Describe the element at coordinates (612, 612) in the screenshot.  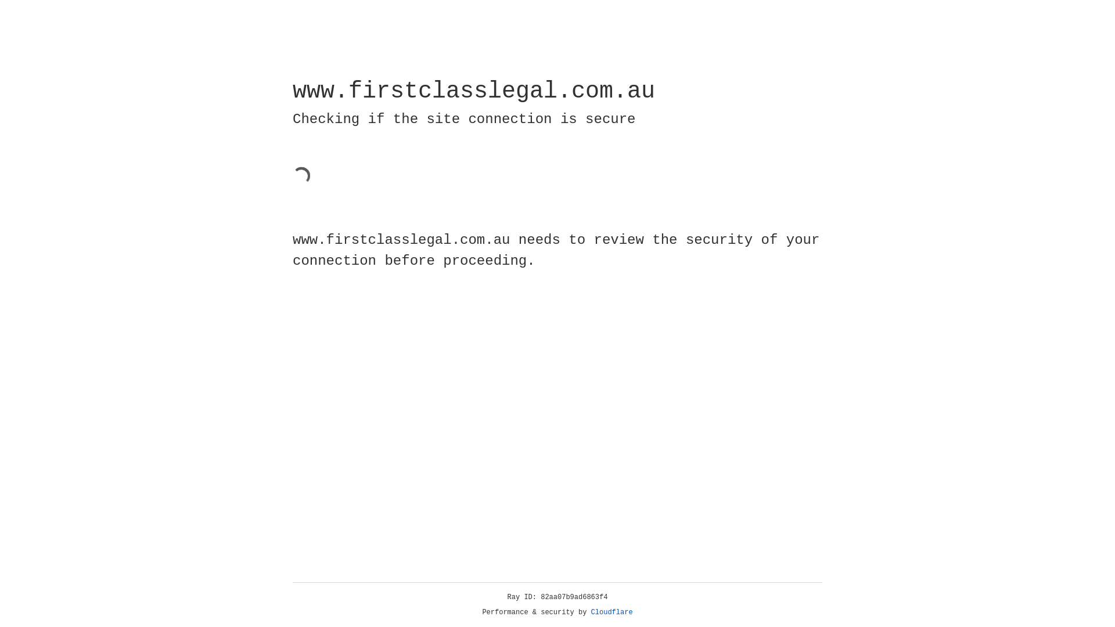
I see `'Cloudflare'` at that location.